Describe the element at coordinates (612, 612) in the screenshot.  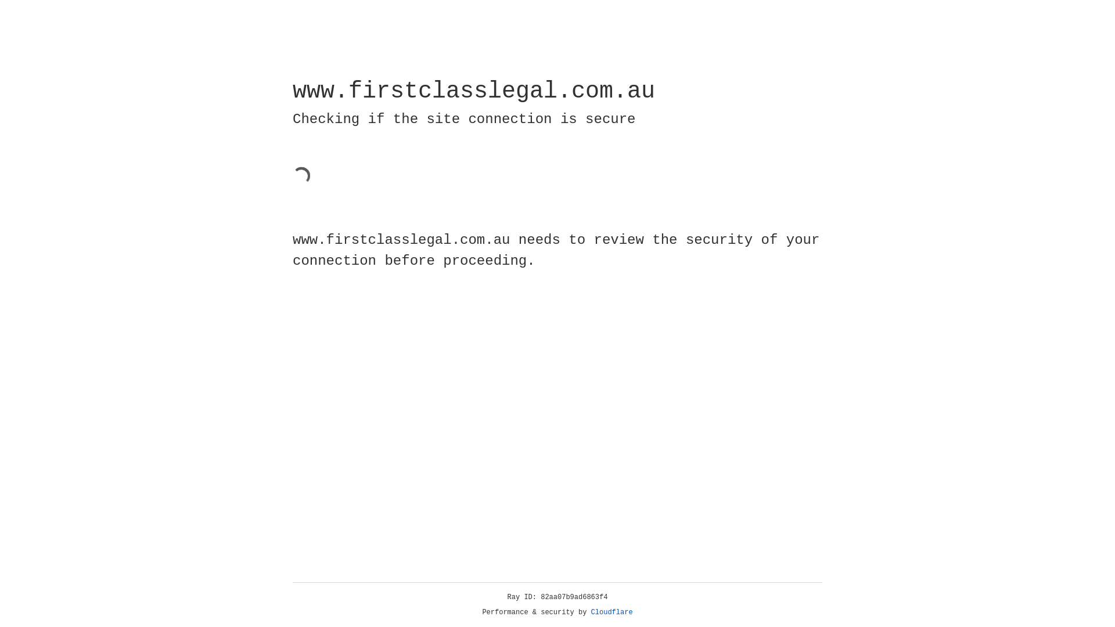
I see `'Cloudflare'` at that location.